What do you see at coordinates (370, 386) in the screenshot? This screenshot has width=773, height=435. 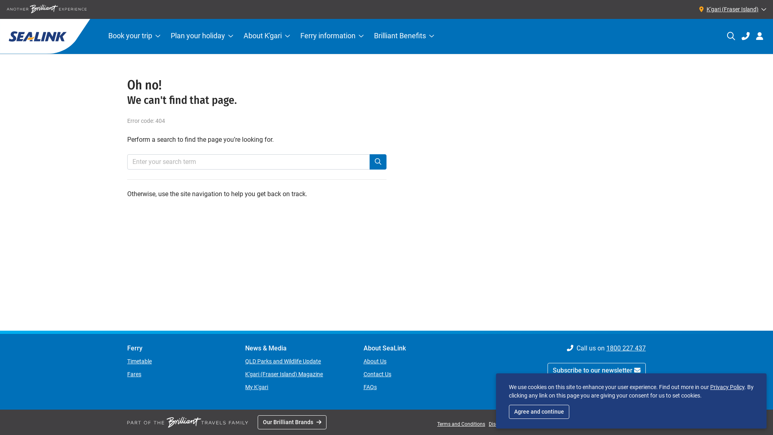 I see `'FAQs'` at bounding box center [370, 386].